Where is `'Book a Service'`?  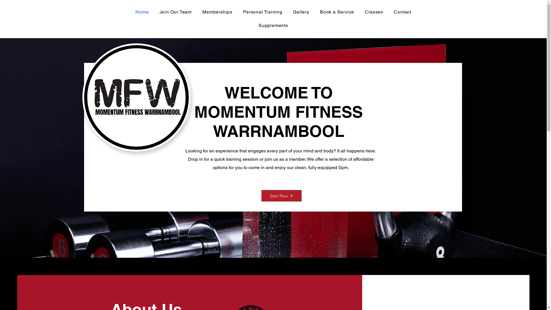 'Book a Service' is located at coordinates (337, 12).